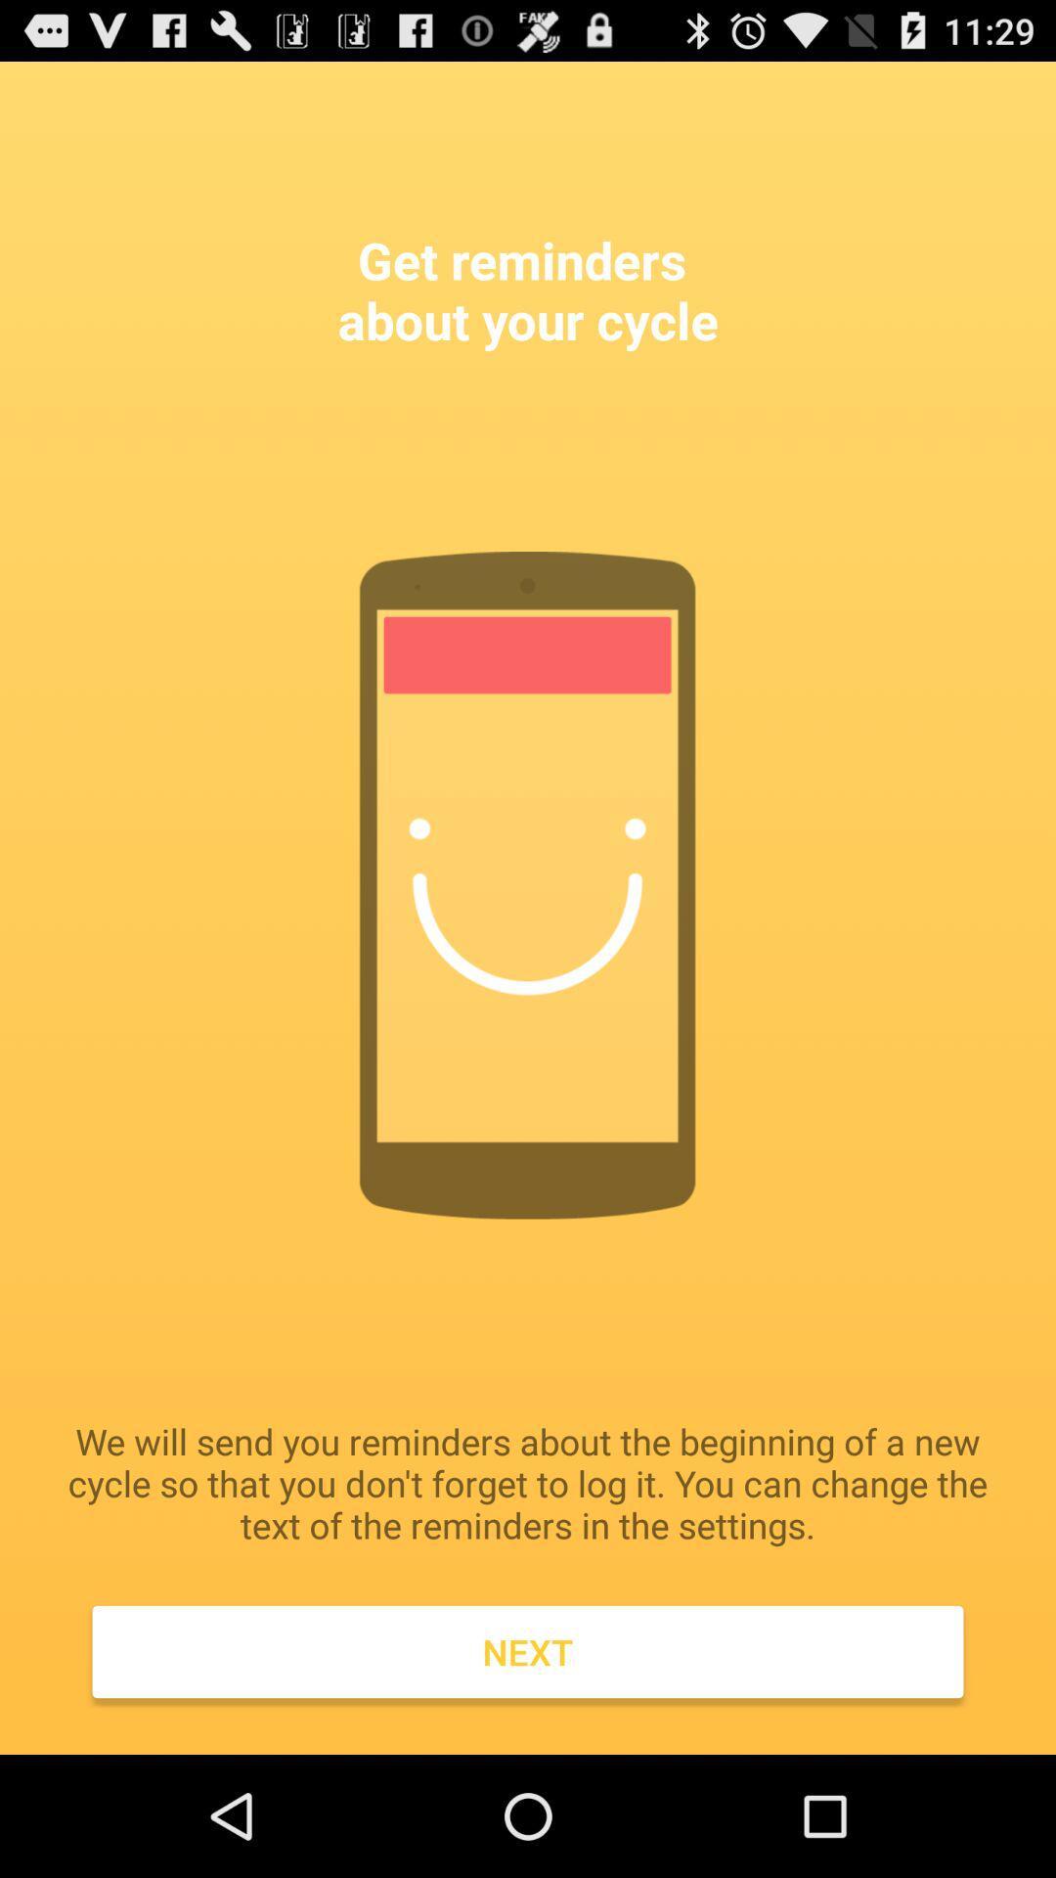 The height and width of the screenshot is (1878, 1056). I want to click on item below the we will send item, so click(528, 1651).